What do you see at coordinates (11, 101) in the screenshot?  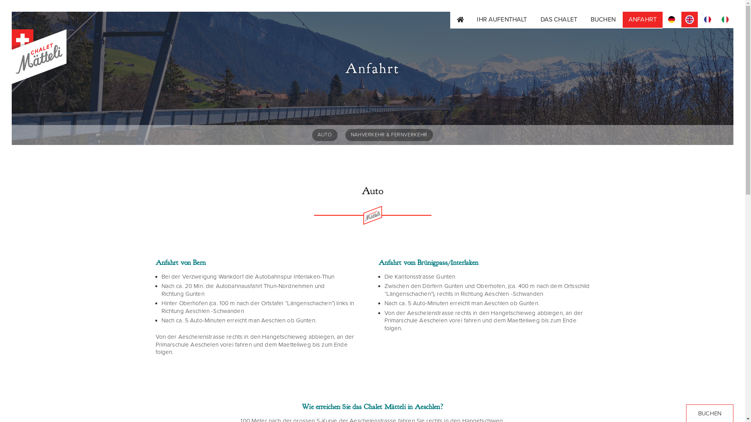 I see `'CHALET MATTELI'` at bounding box center [11, 101].